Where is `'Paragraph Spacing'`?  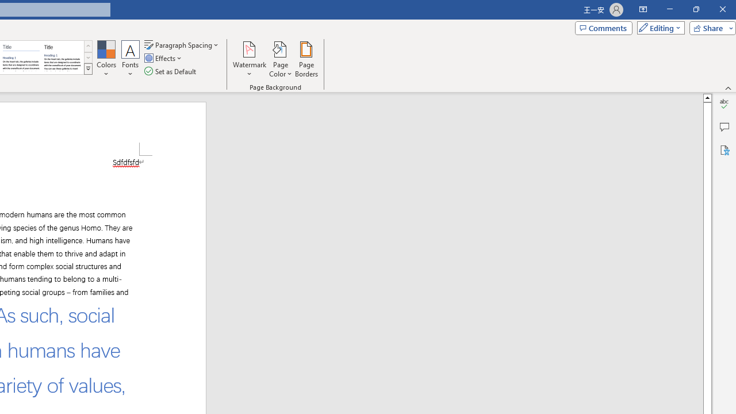 'Paragraph Spacing' is located at coordinates (182, 44).